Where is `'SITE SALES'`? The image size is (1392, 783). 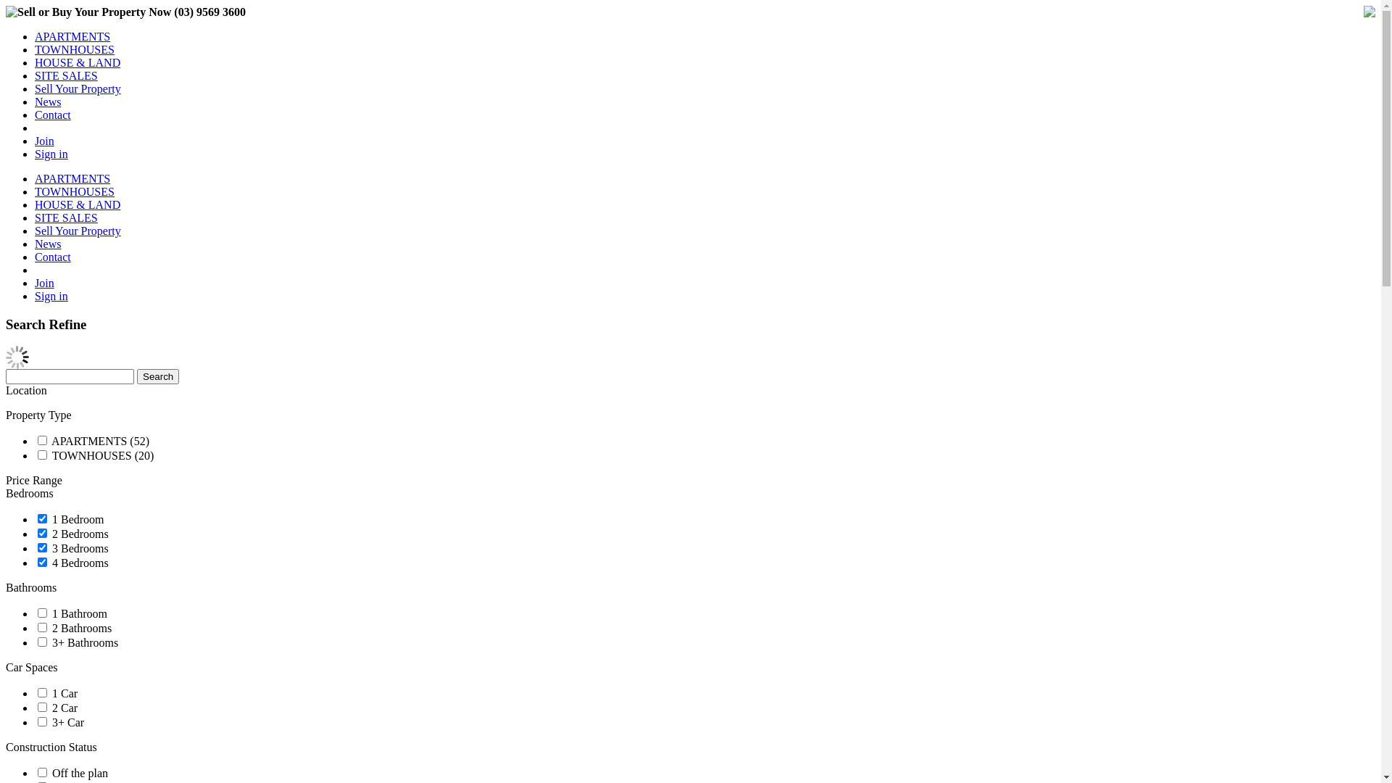
'SITE SALES' is located at coordinates (65, 217).